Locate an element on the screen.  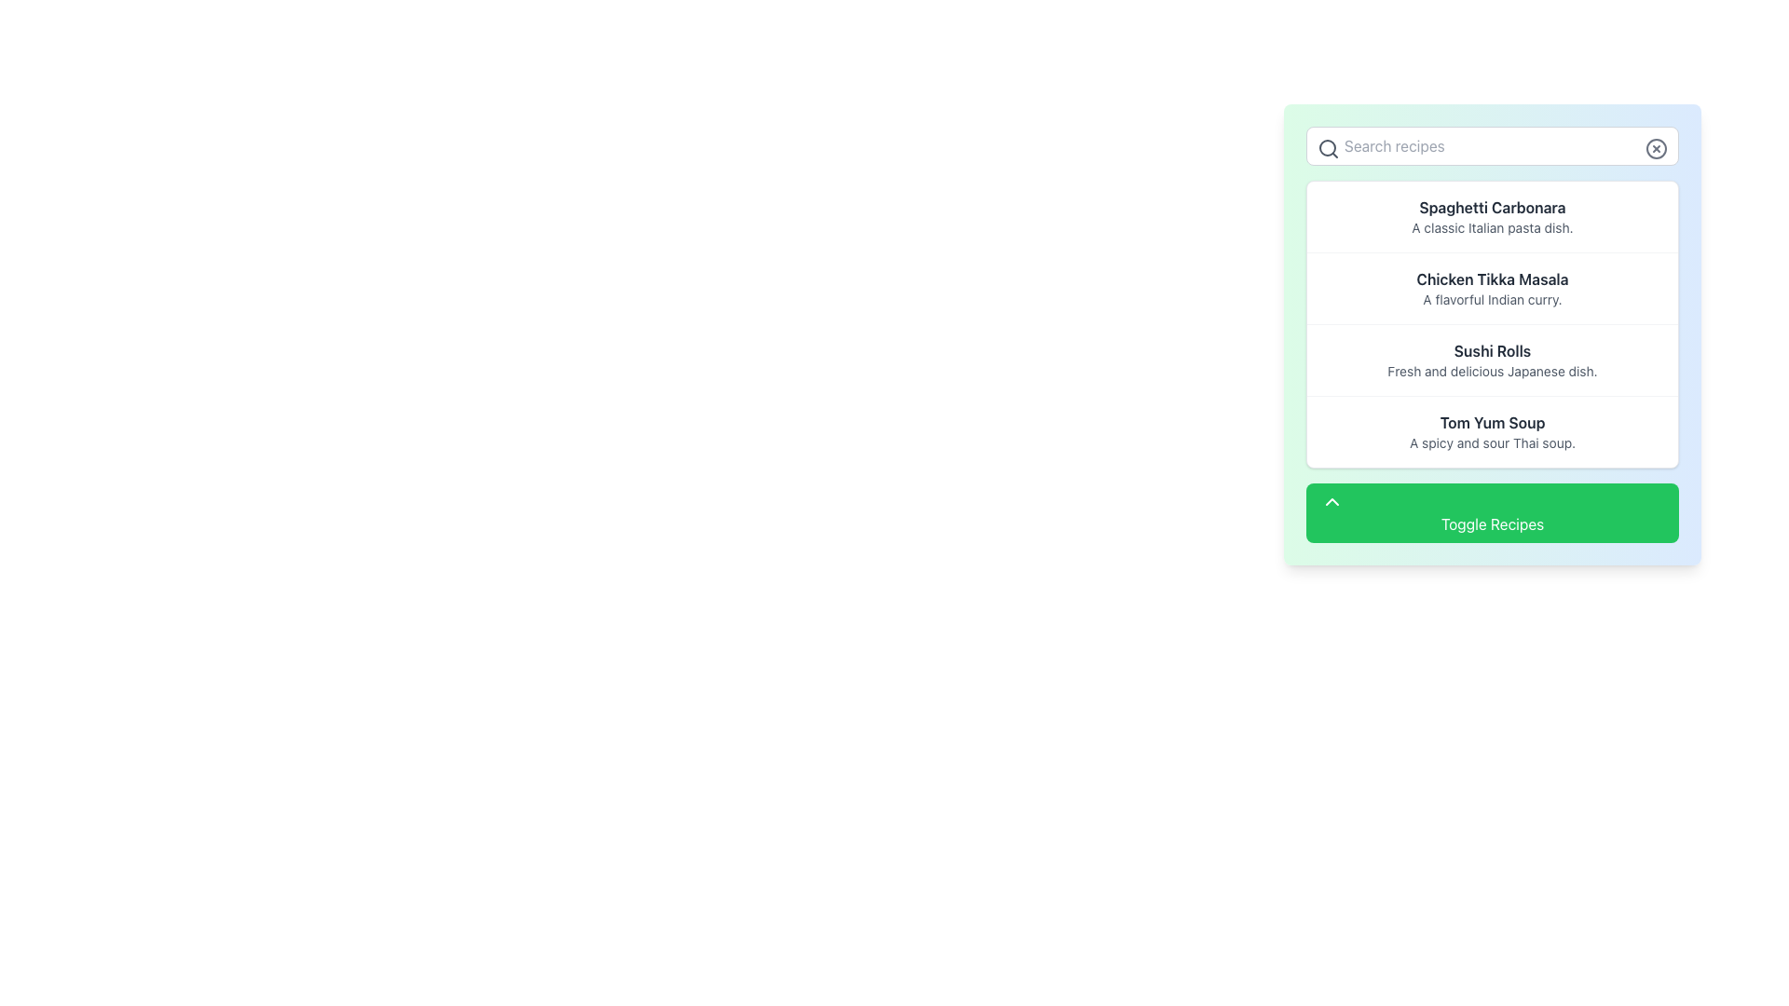
the subtitle text element that describes the 'Tom Yum Soup' dish, located as the fourth item in the vertical list of recipes is located at coordinates (1493, 442).